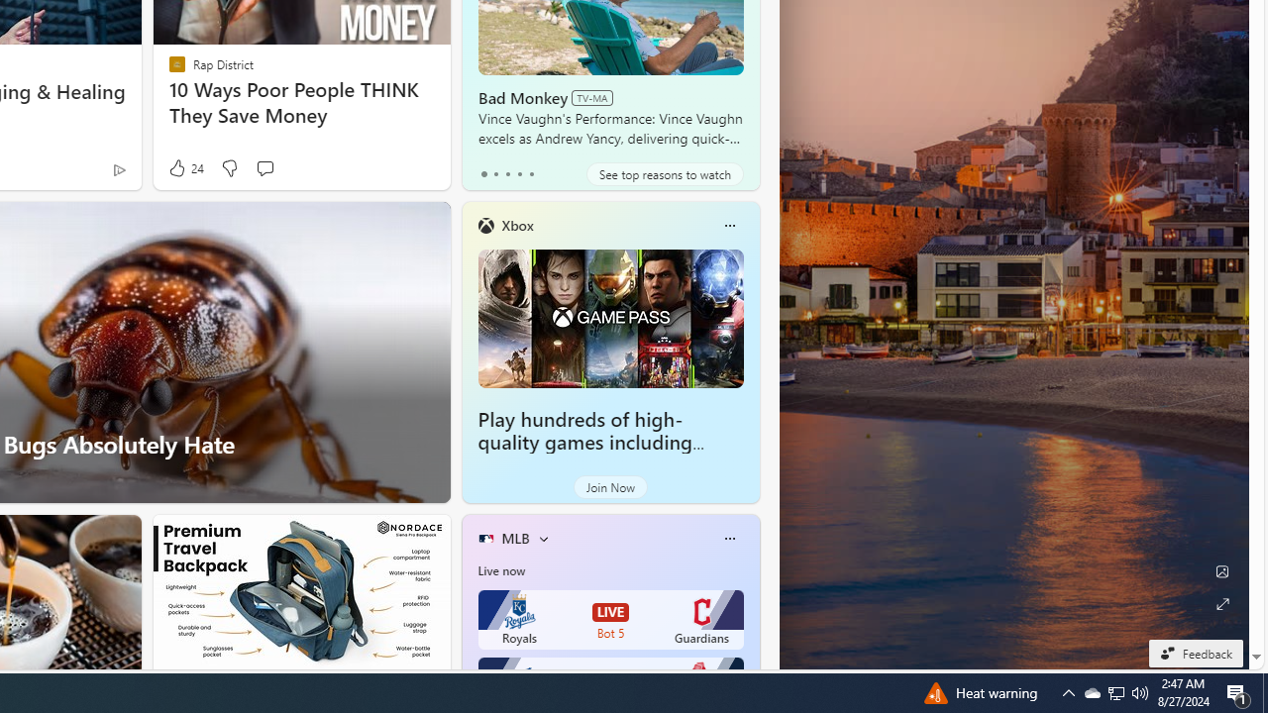  What do you see at coordinates (1194, 653) in the screenshot?
I see `'Feedback'` at bounding box center [1194, 653].